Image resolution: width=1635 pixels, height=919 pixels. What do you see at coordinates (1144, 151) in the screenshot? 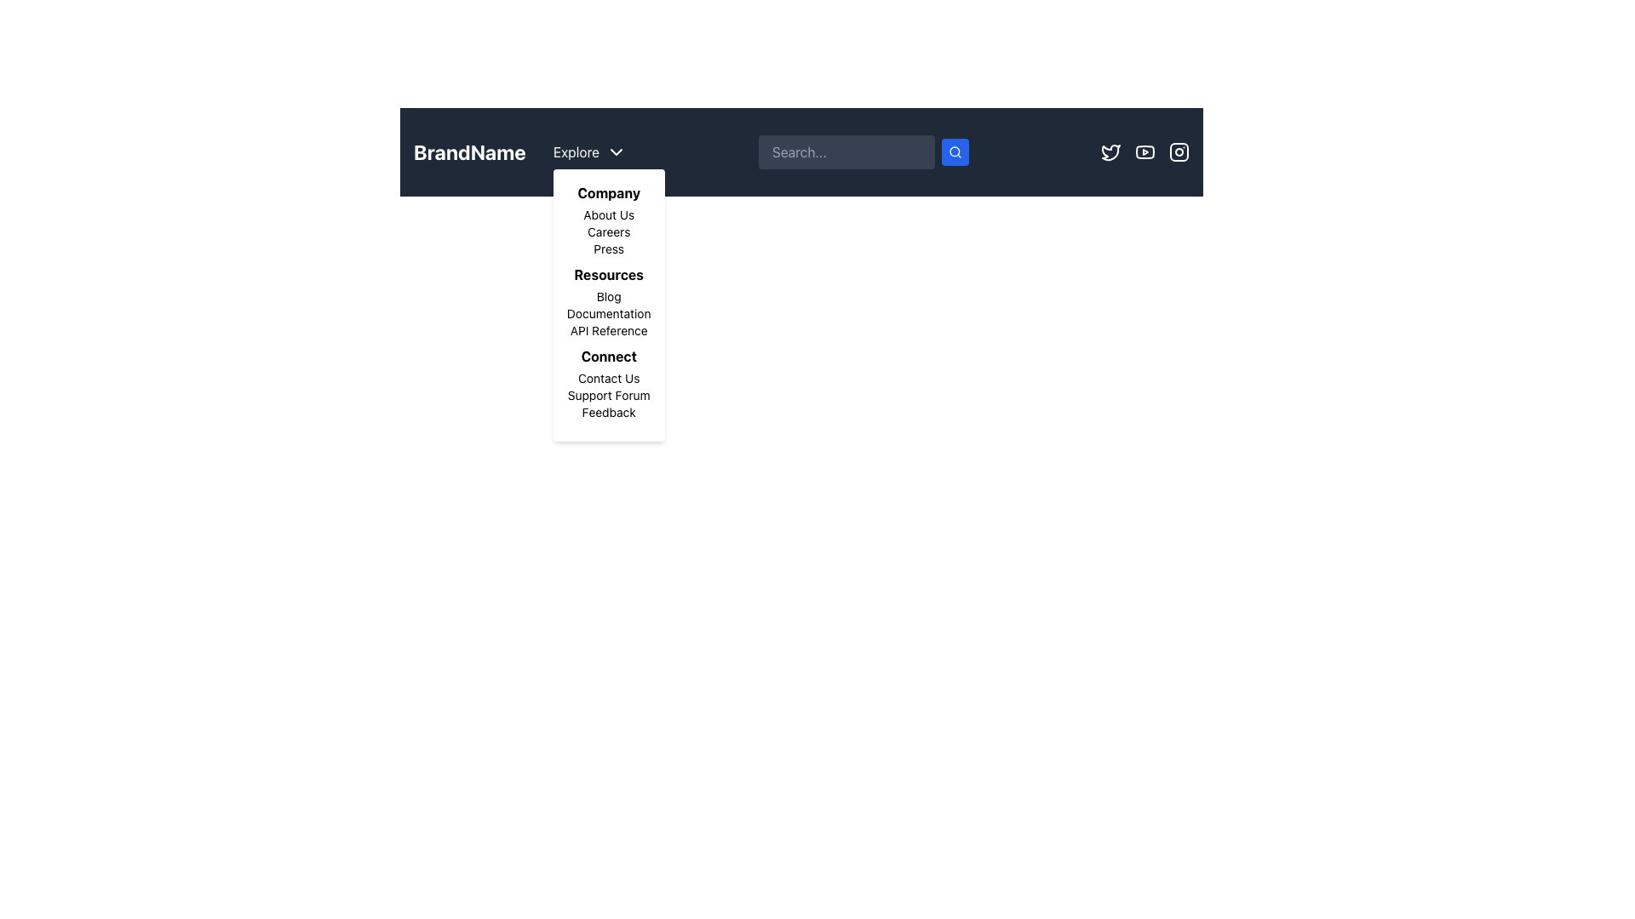
I see `the YouTube icon located in the top-right corner of the navigation bar, positioned between the Twitter and Instagram icons` at bounding box center [1144, 151].